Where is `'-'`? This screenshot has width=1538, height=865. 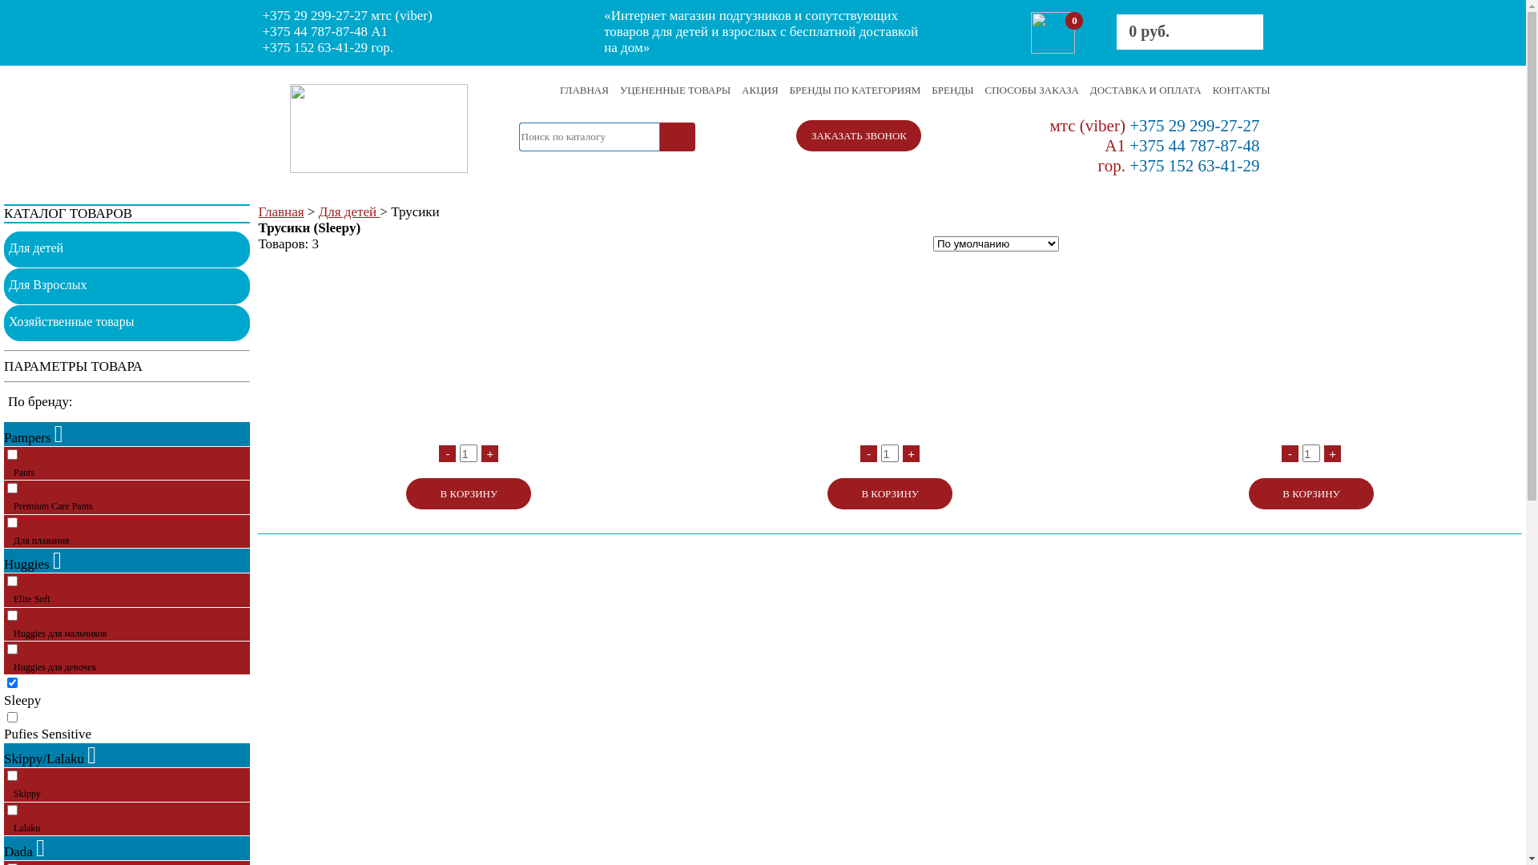 '-' is located at coordinates (1290, 453).